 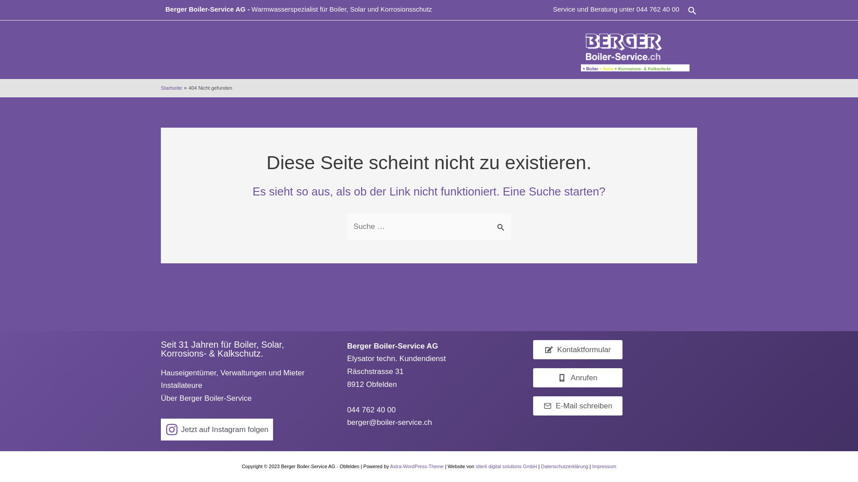 I want to click on '044 762 40 00', so click(x=636, y=9).